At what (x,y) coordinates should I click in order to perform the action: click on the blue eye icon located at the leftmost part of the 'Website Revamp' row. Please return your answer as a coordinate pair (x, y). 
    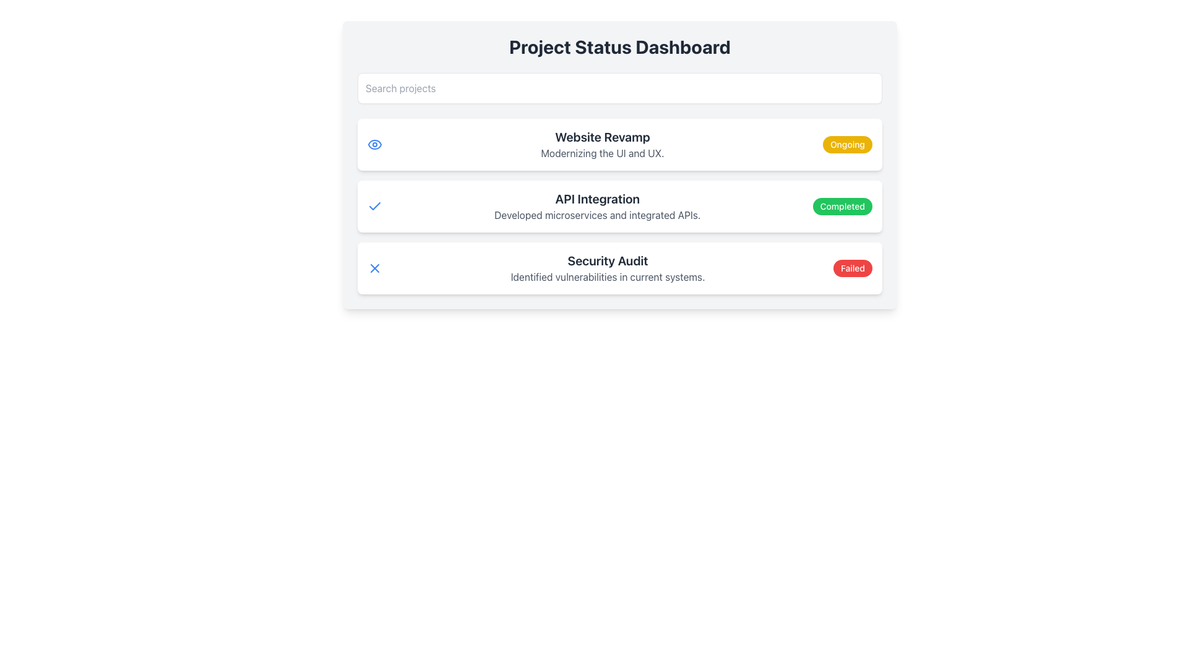
    Looking at the image, I should click on (374, 144).